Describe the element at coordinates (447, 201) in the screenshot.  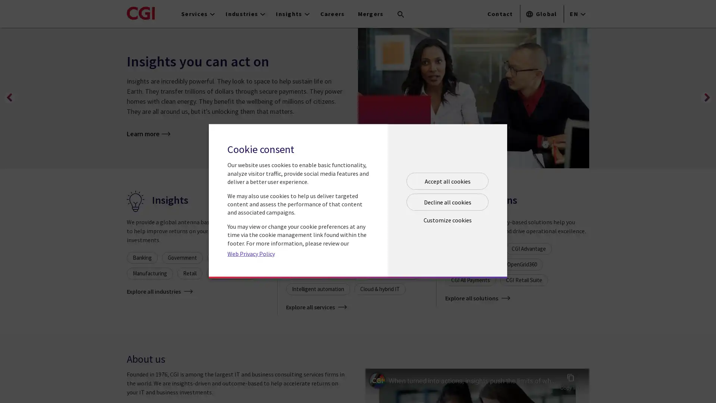
I see `Decline all cookies` at that location.